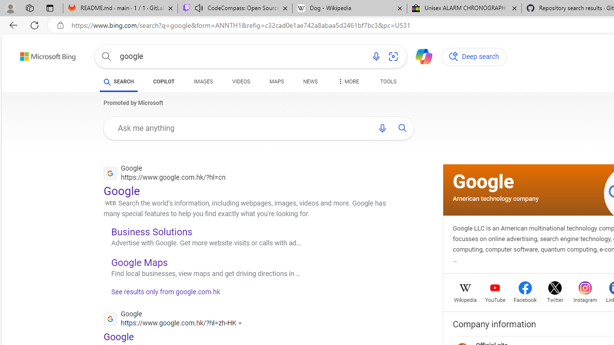 This screenshot has width=614, height=345. I want to click on 'MAPS', so click(276, 82).